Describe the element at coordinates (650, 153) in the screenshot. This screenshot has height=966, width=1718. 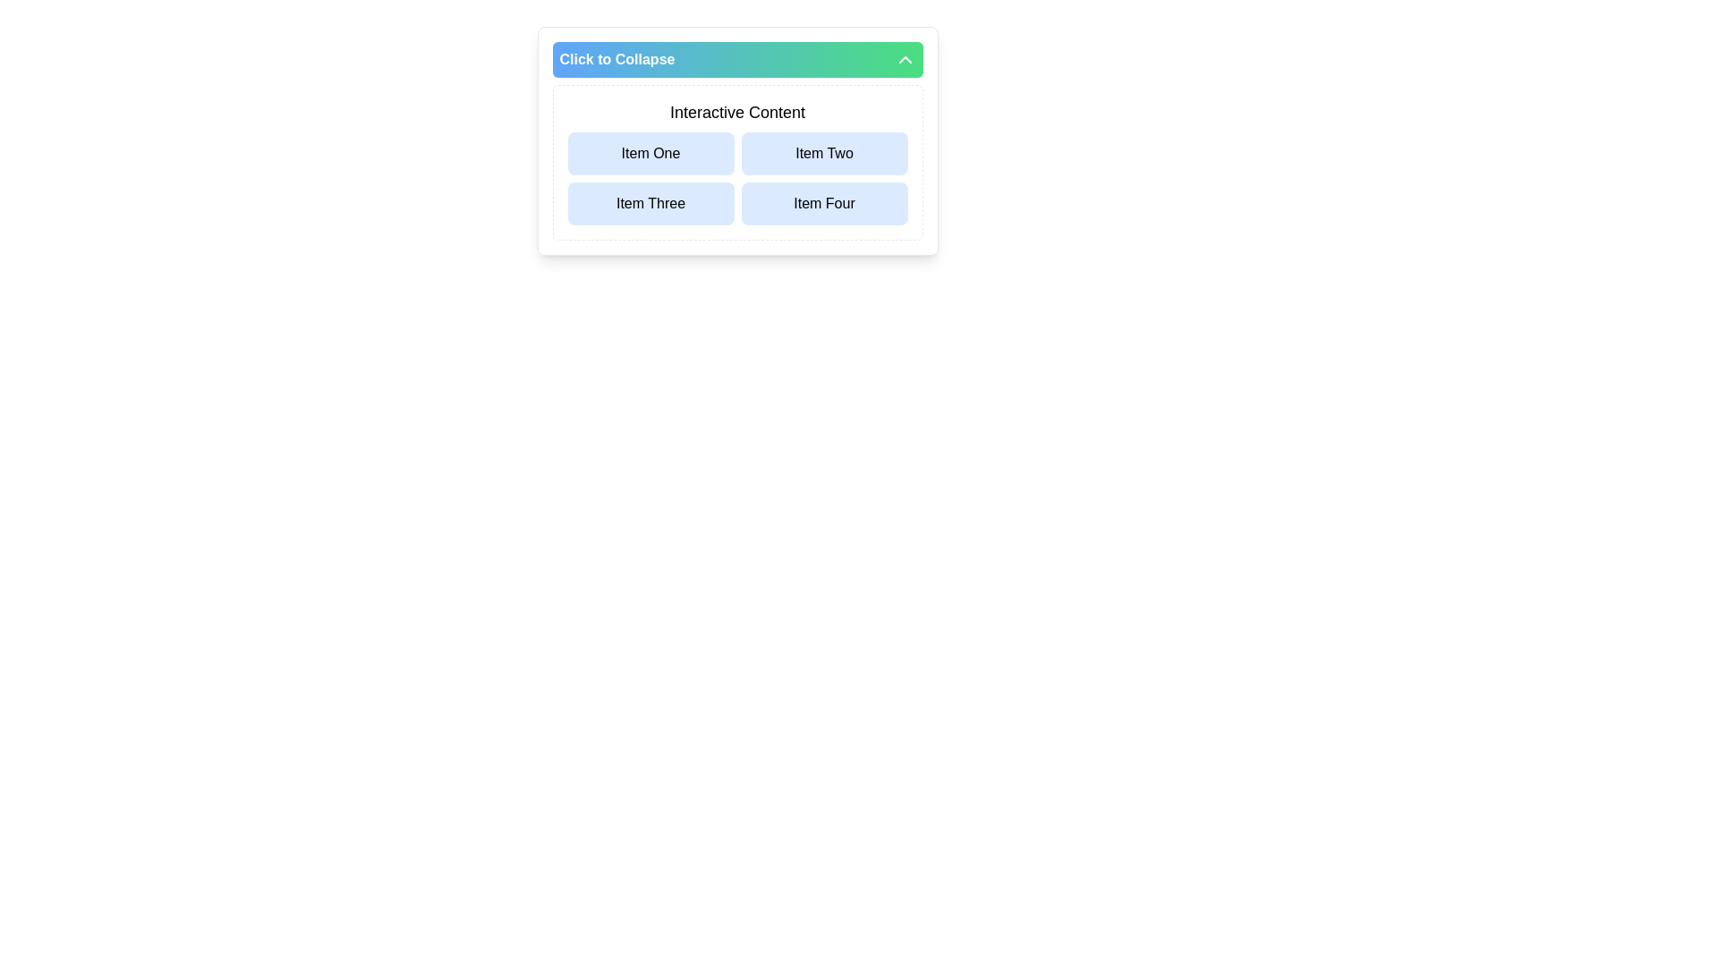
I see `the static label button 'Item One' which has a blue background and bold black text, located in the top-left position of a 2x2 grid layout` at that location.